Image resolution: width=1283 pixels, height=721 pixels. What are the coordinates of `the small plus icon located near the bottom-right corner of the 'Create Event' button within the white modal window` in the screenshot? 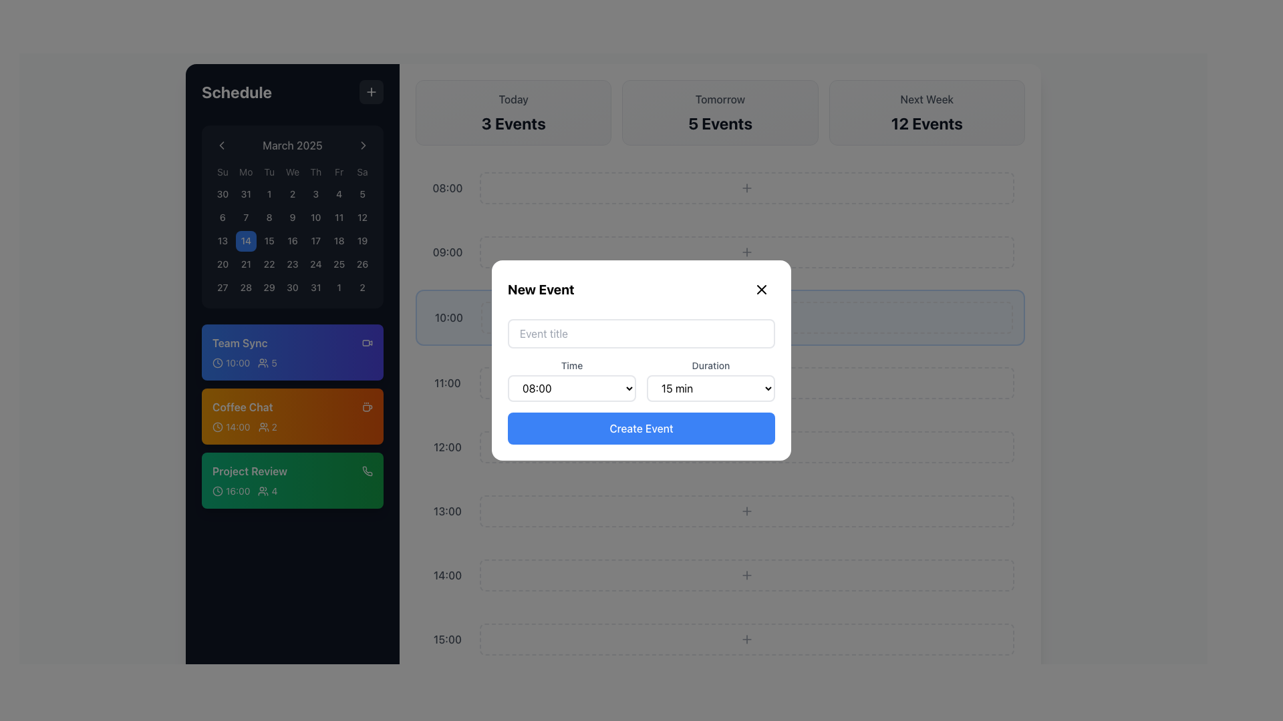 It's located at (746, 447).